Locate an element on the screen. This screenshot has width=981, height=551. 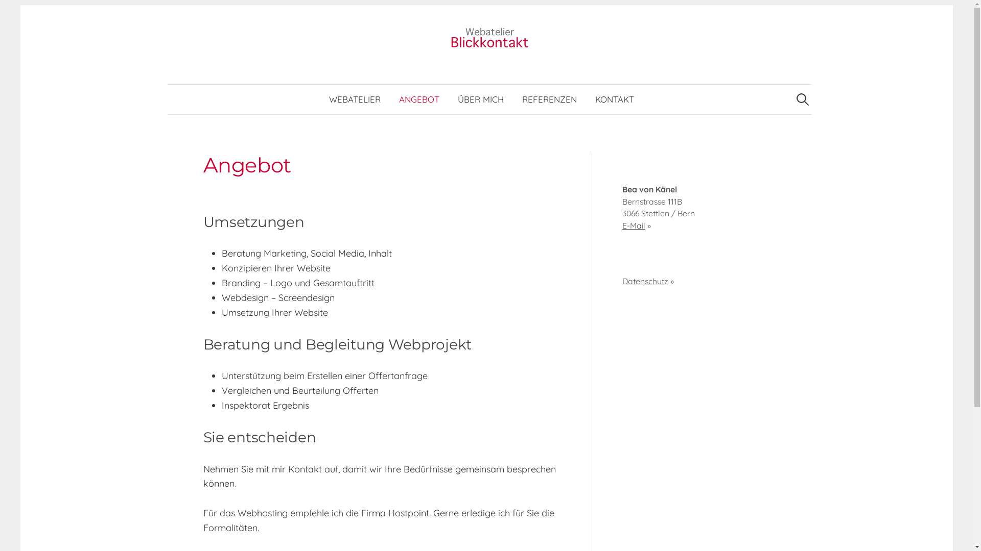
'E-Mail' is located at coordinates (633, 225).